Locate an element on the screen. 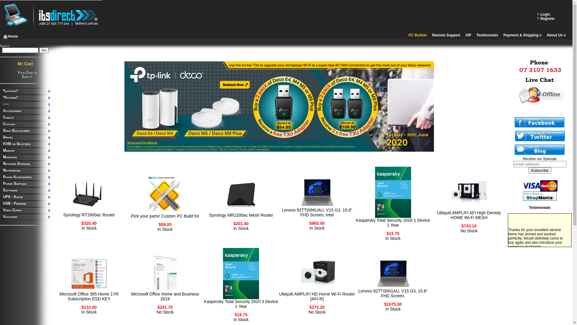  'Home' is located at coordinates (10, 36).